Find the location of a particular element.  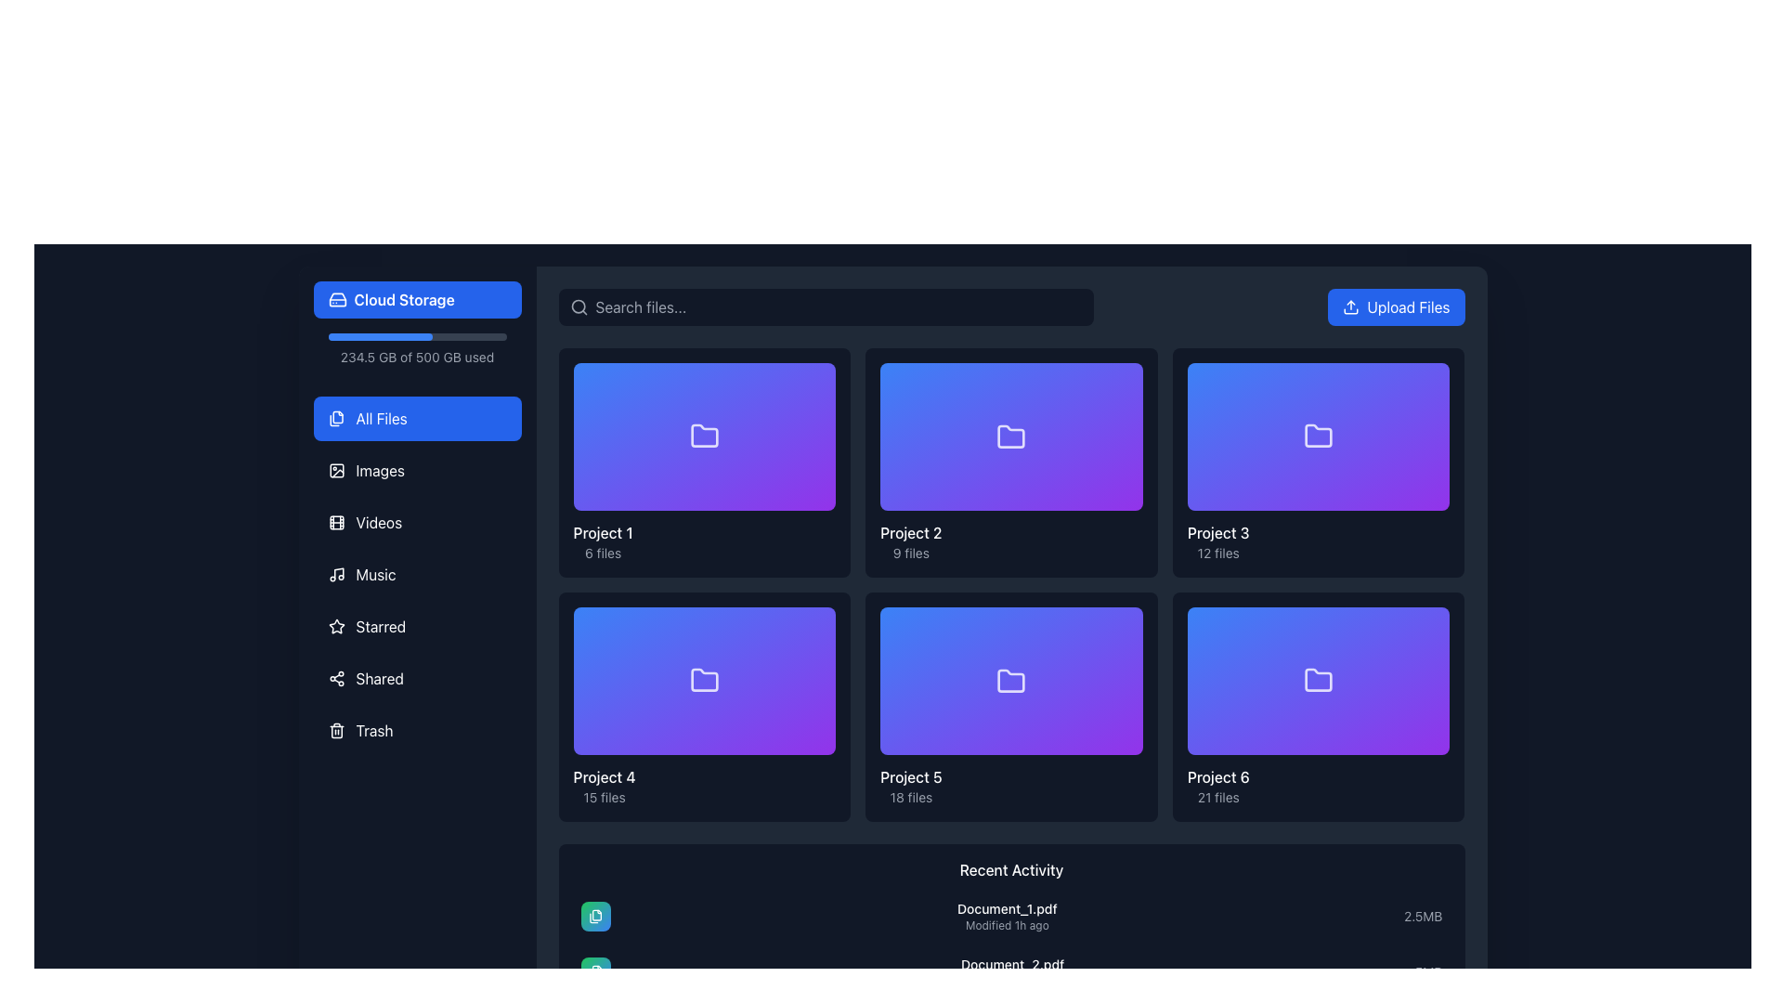

the folder icon with rounded edges on a gradient blue-to-purple background, located within the 'Project 6' card is located at coordinates (1318, 681).